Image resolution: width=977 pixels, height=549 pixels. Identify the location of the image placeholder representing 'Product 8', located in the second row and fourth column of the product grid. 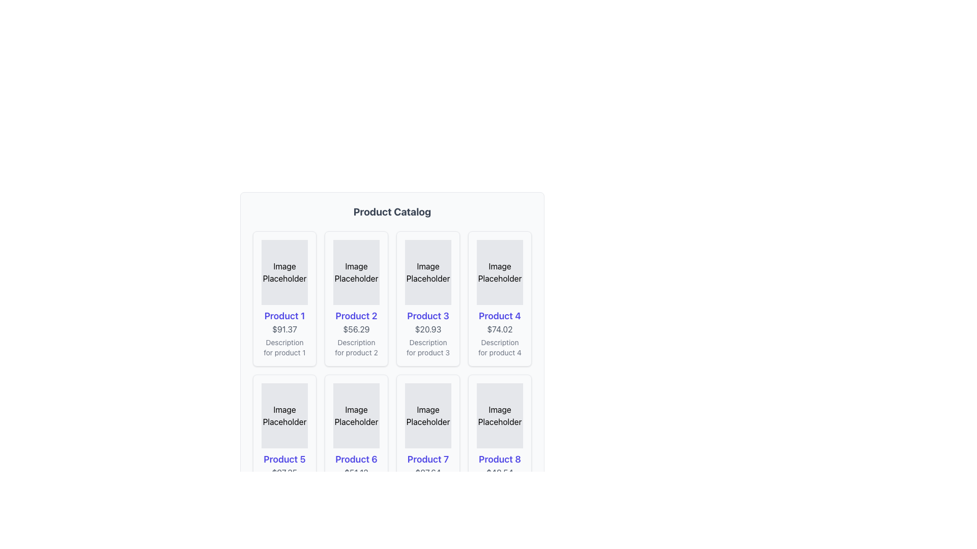
(500, 415).